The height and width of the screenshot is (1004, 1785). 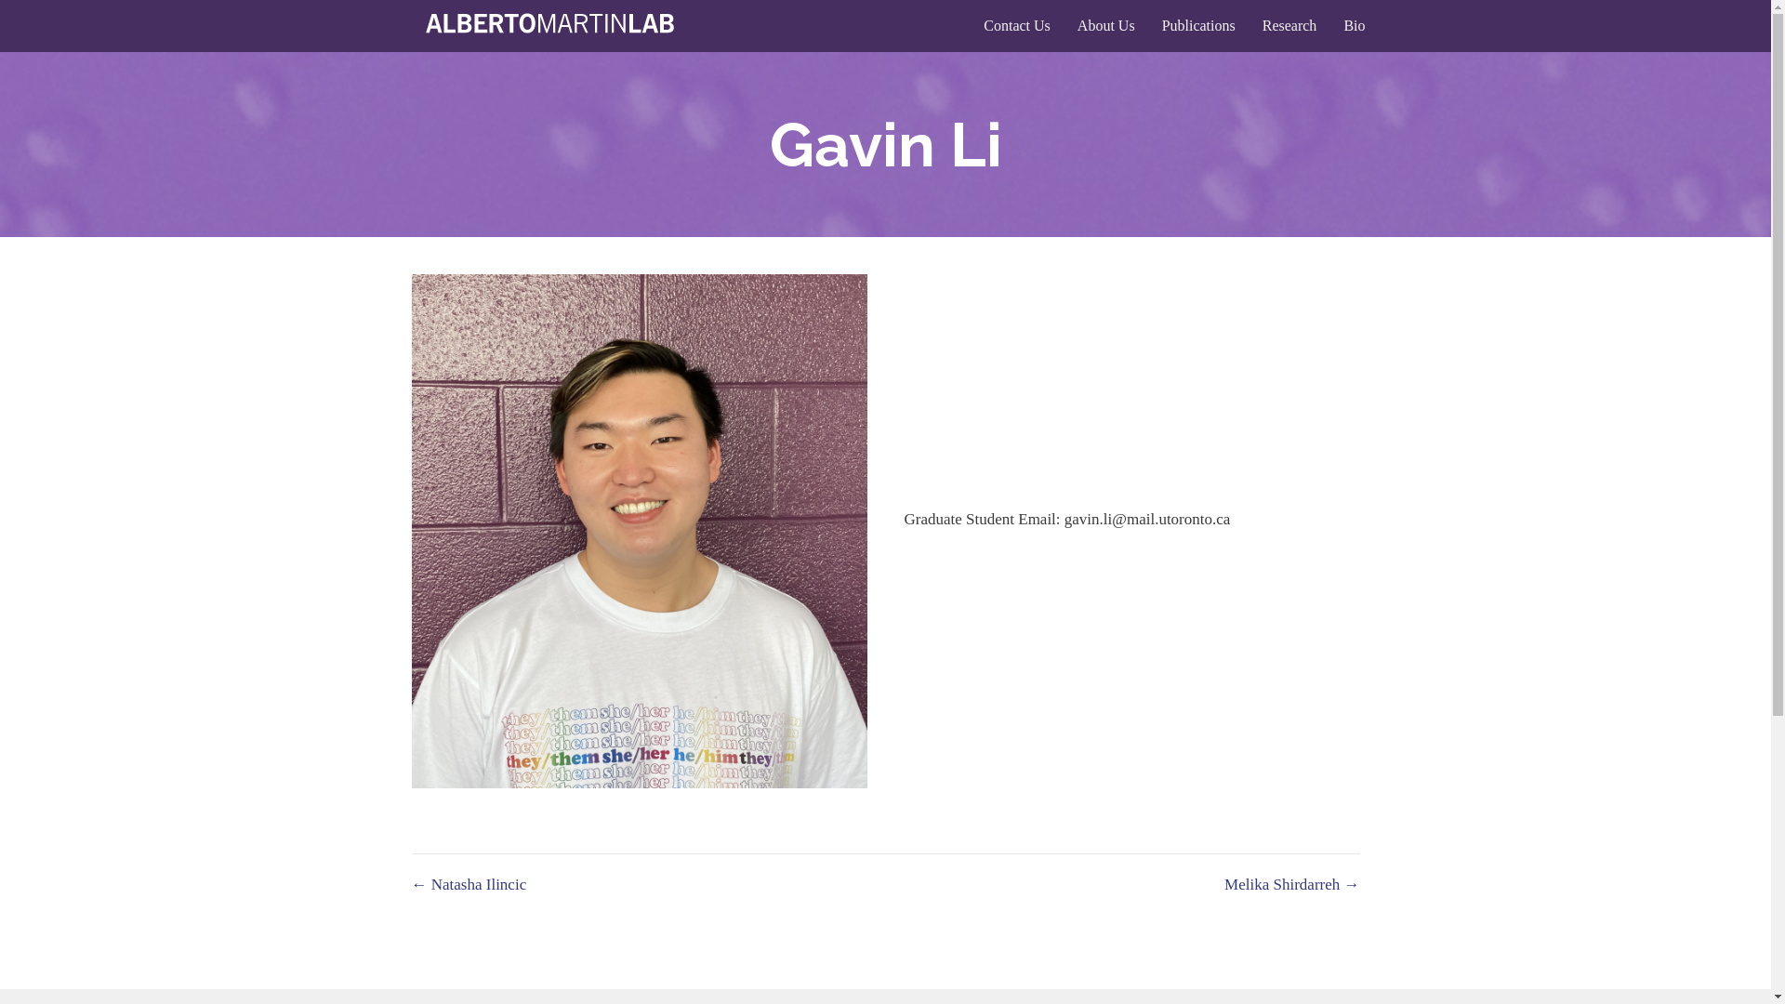 I want to click on 'Contact Us', so click(x=1016, y=25).